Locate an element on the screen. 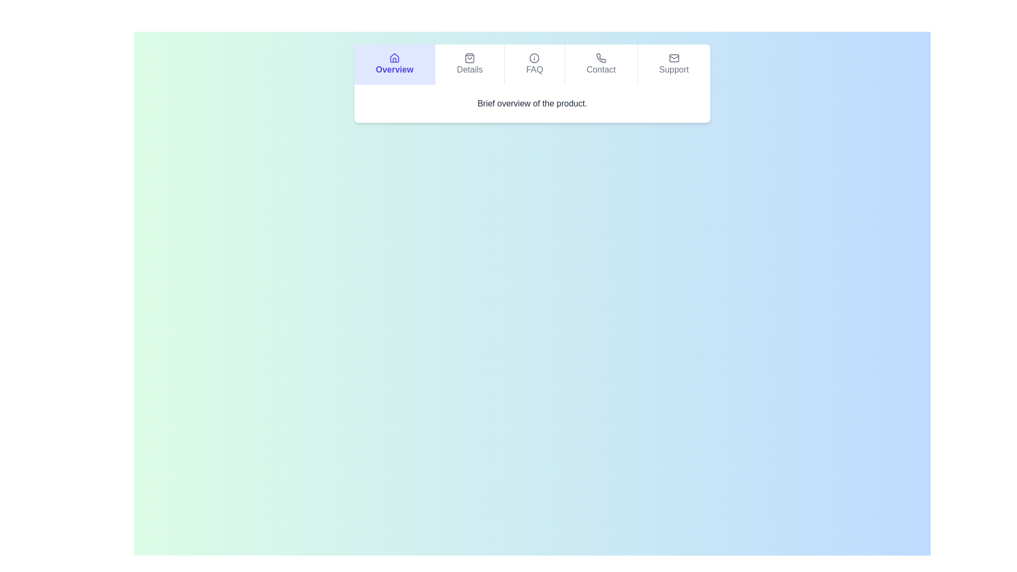 The width and height of the screenshot is (1017, 572). the Overview tab to view its content is located at coordinates (394, 65).